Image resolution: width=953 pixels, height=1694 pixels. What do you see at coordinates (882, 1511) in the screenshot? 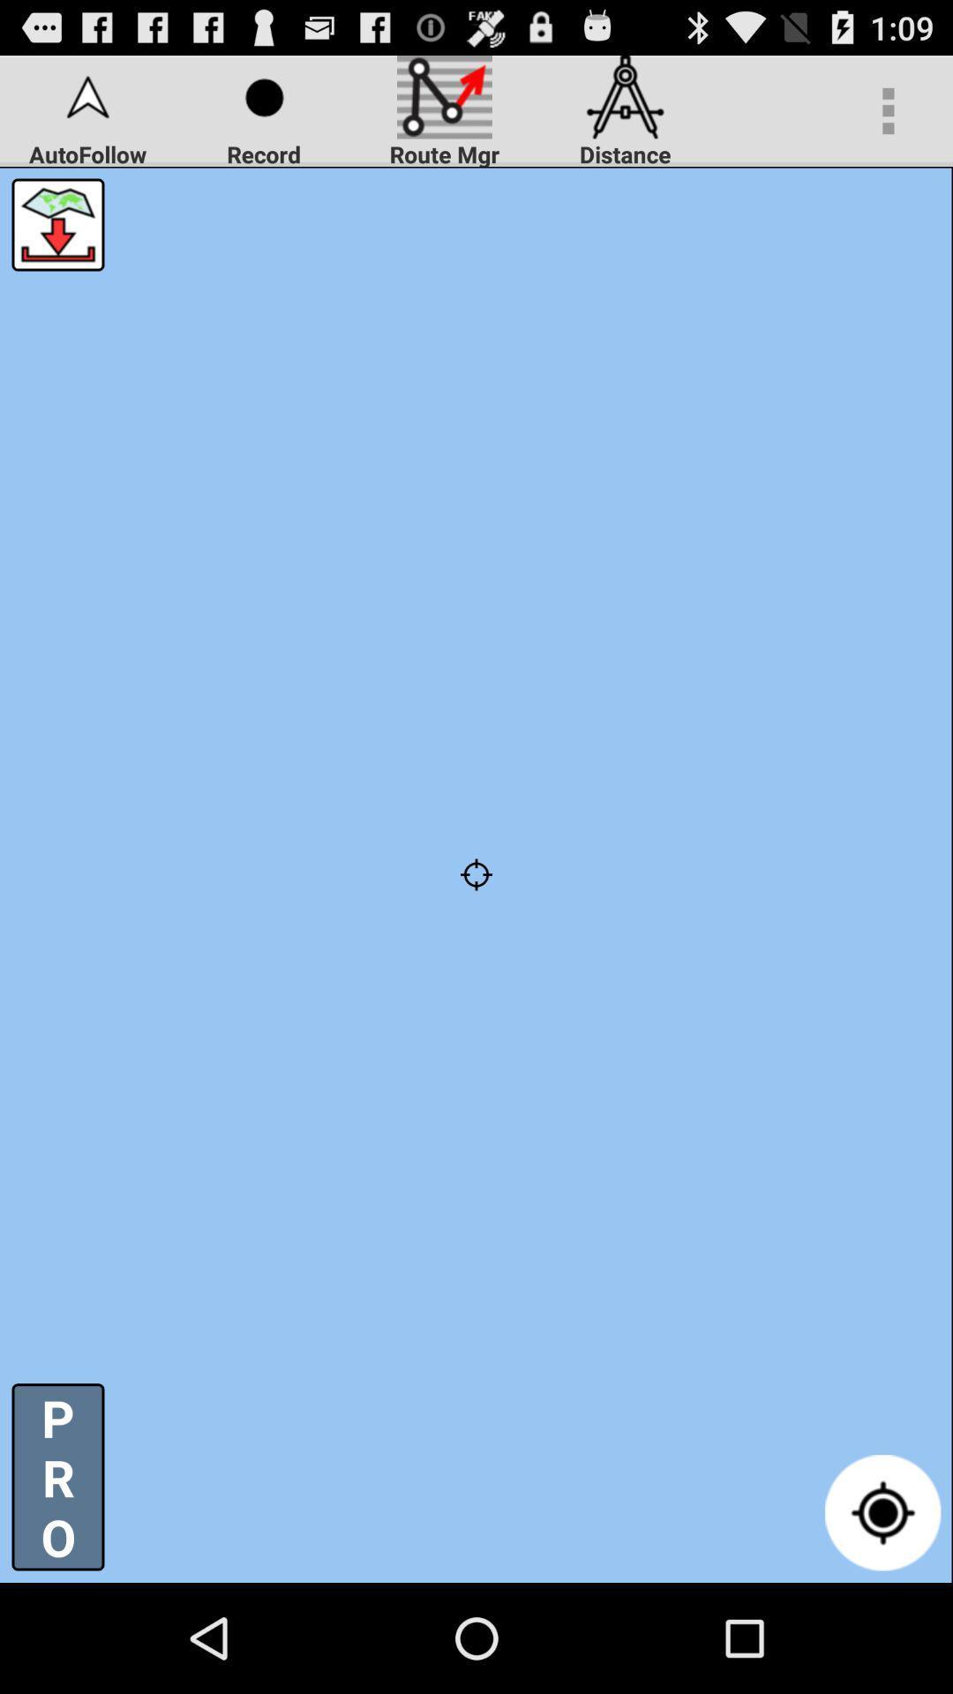
I see `the icon next to the p` at bounding box center [882, 1511].